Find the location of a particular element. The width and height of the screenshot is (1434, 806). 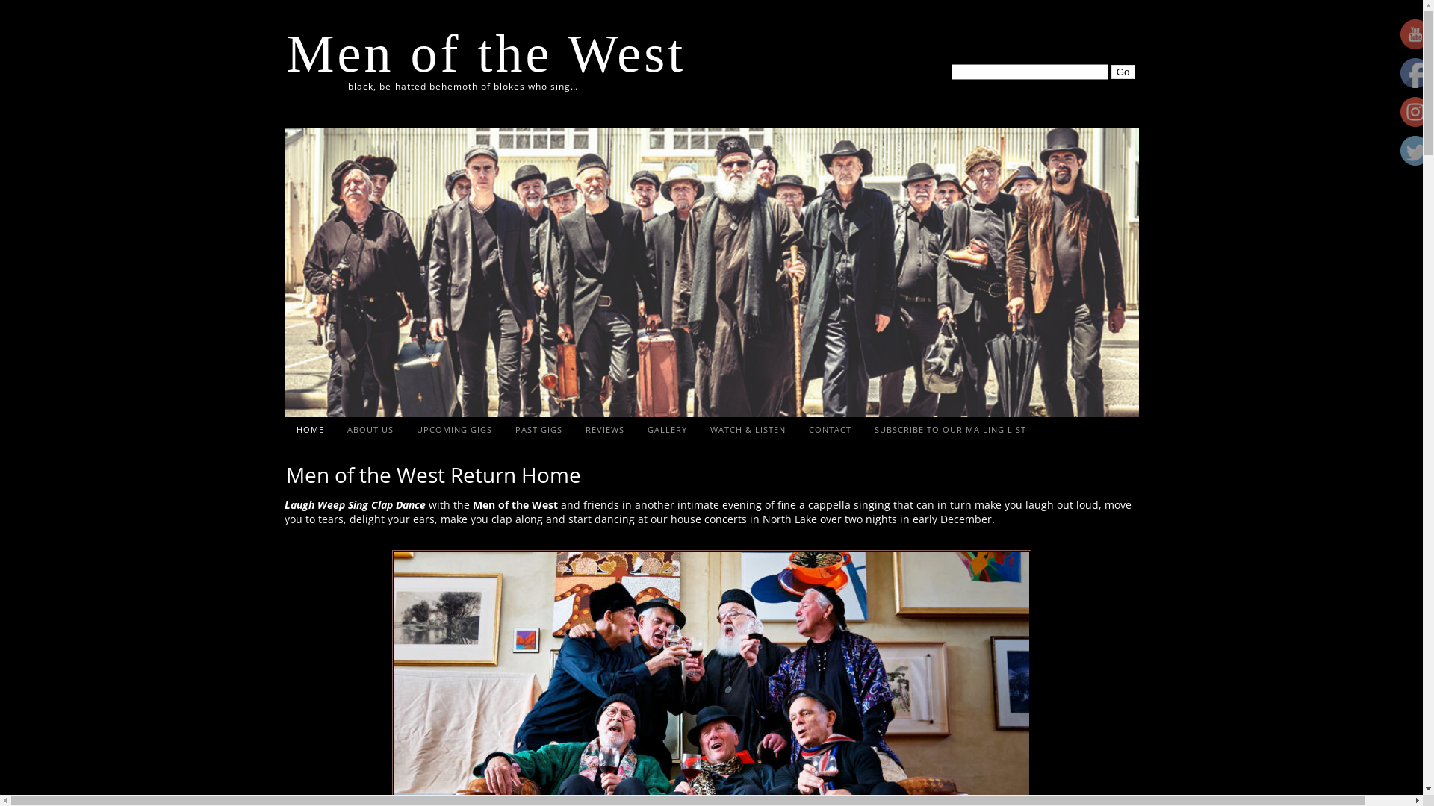

'Men of the West' is located at coordinates (486, 53).